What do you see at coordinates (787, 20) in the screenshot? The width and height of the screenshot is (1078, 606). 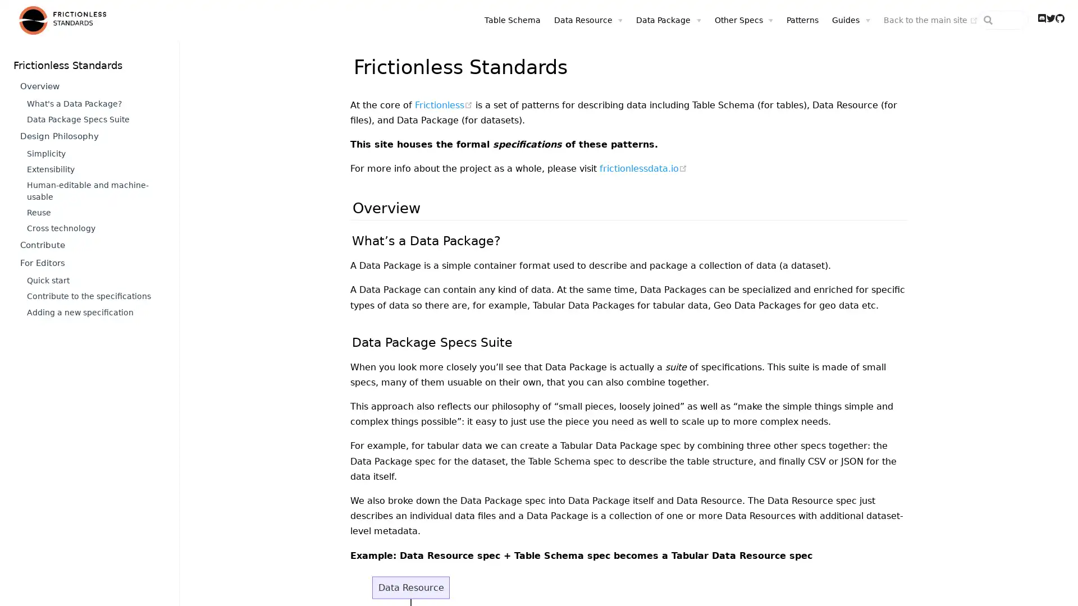 I see `Guides` at bounding box center [787, 20].